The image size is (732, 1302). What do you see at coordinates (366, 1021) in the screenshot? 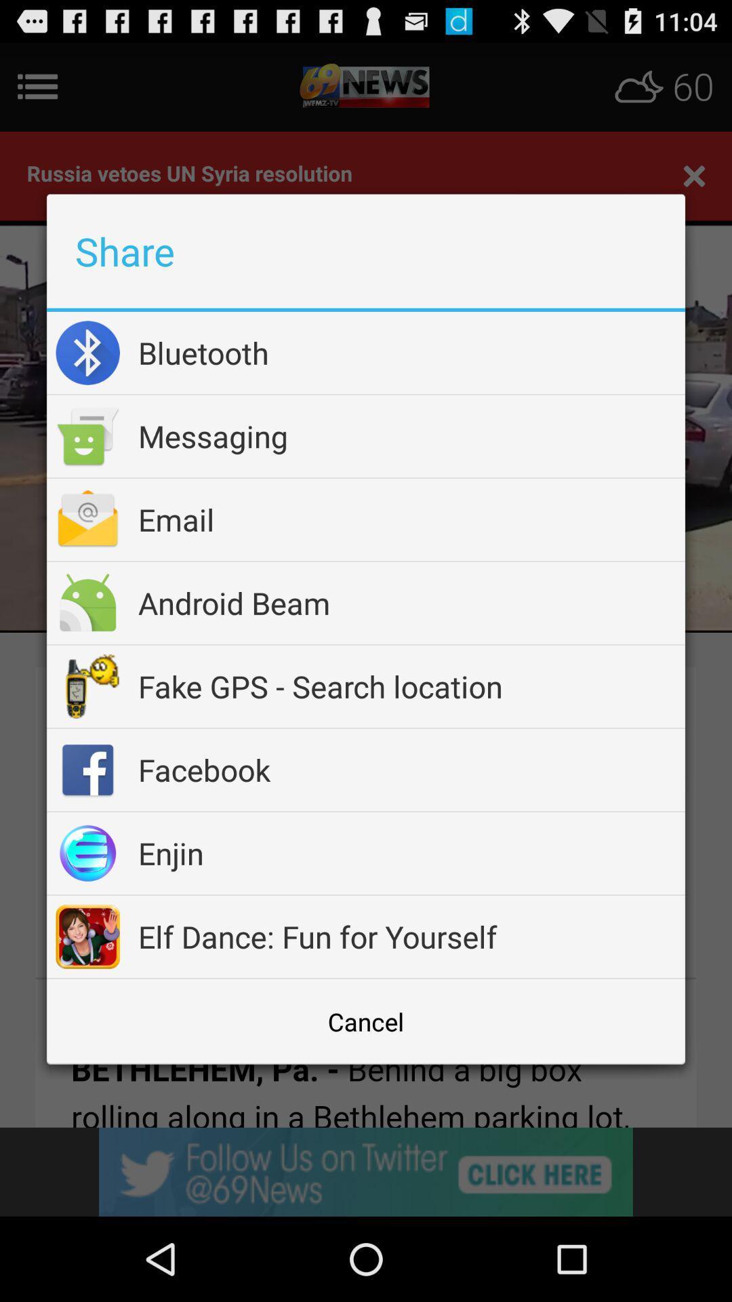
I see `cancel button` at bounding box center [366, 1021].